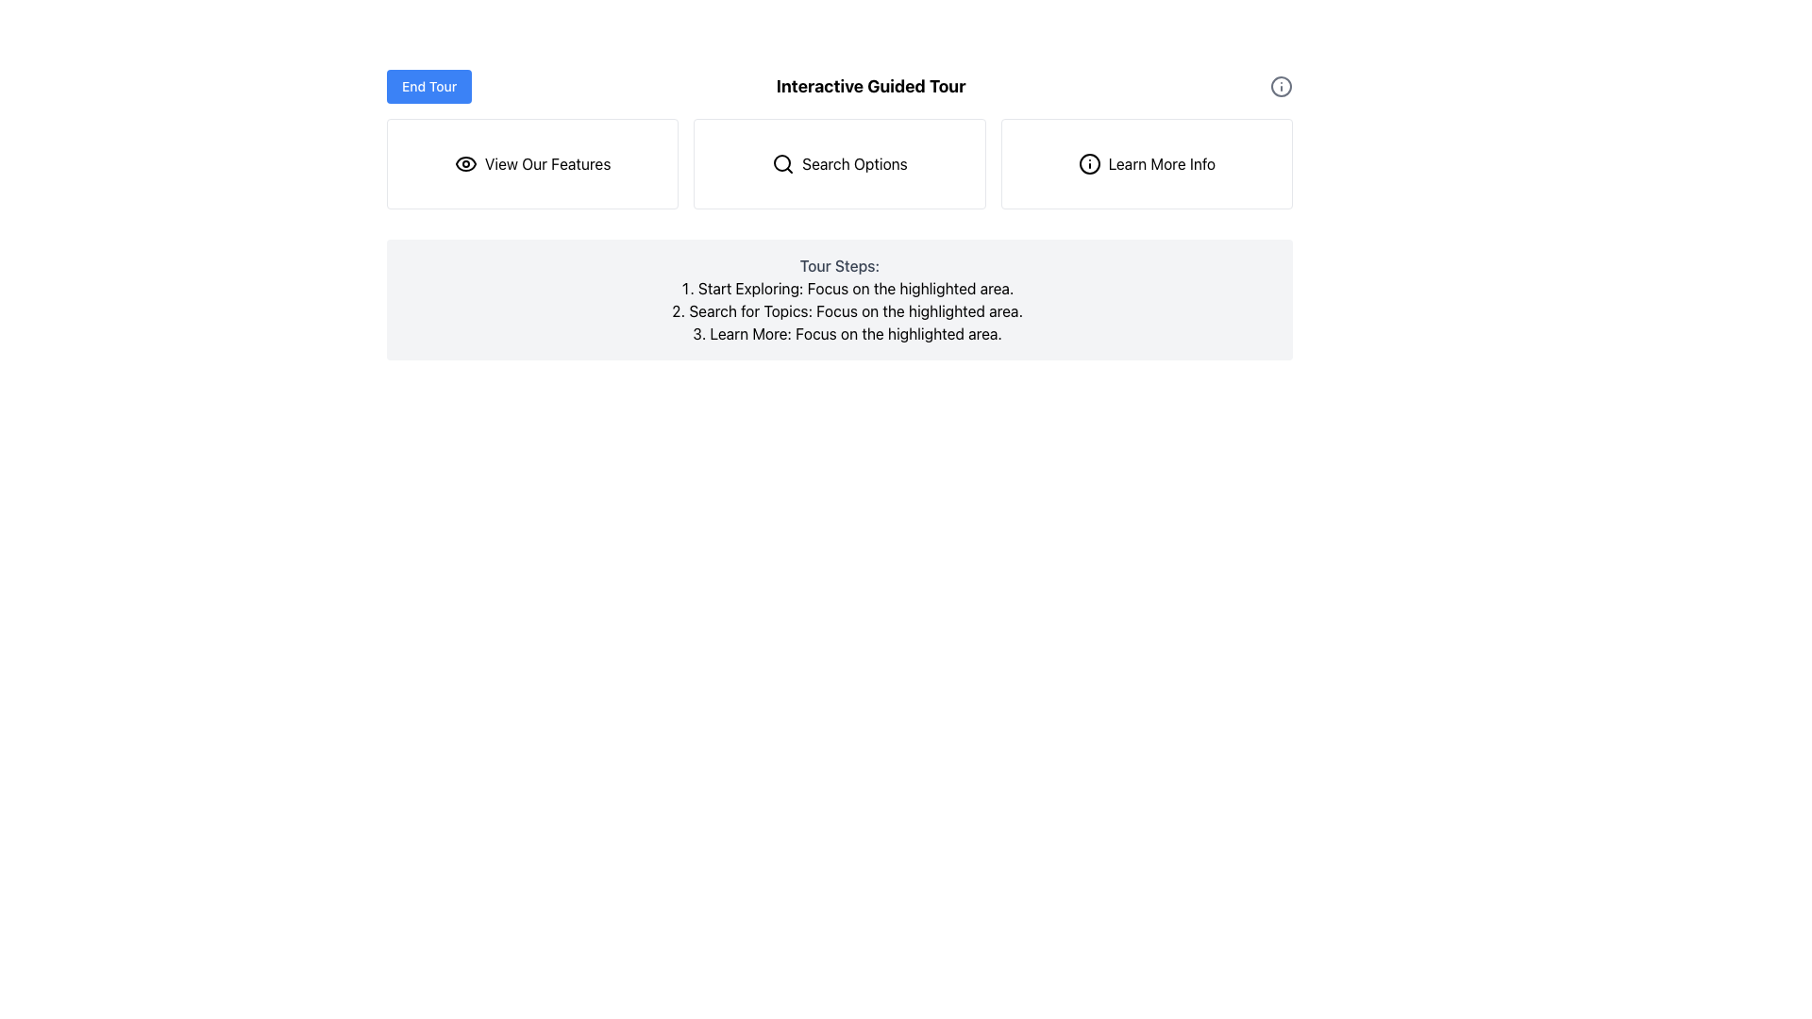  I want to click on the circular icon within the 'Search Options' button, which is the second button from the left in a row of three buttons, so click(782, 162).